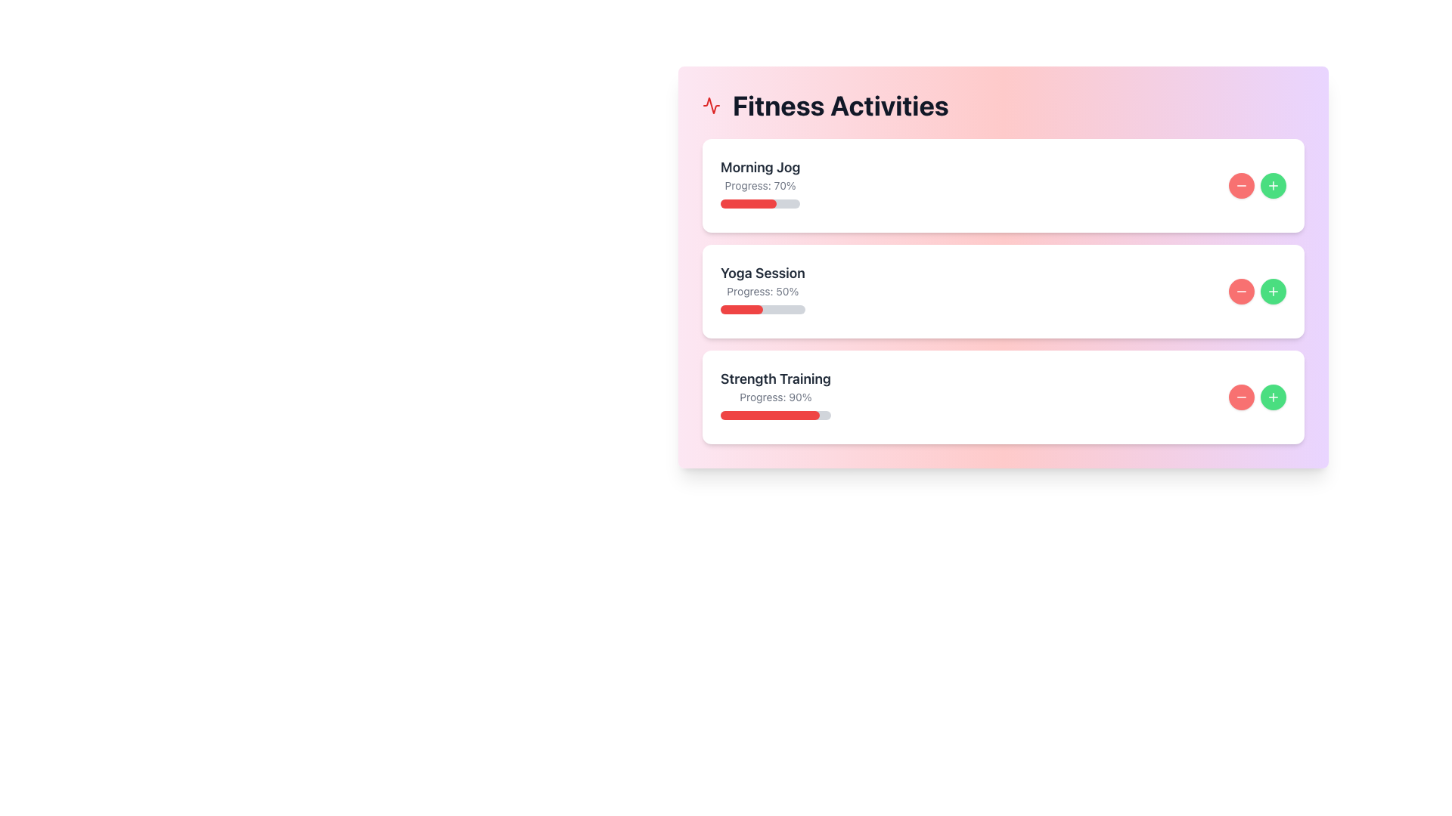 Image resolution: width=1452 pixels, height=816 pixels. Describe the element at coordinates (824, 104) in the screenshot. I see `the large, bold textual header labeled 'Fitness Activities', which features a small red activity icon preceding it, located at the top left area of the interface` at that location.